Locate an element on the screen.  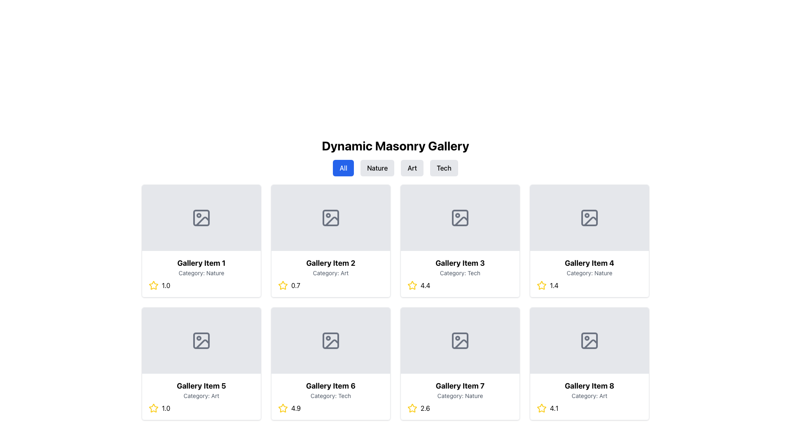
the 'Nature' button, which is the second button from the left in a row of four buttons located below the title 'Dynamic Masonry Gallery' is located at coordinates (377, 168).